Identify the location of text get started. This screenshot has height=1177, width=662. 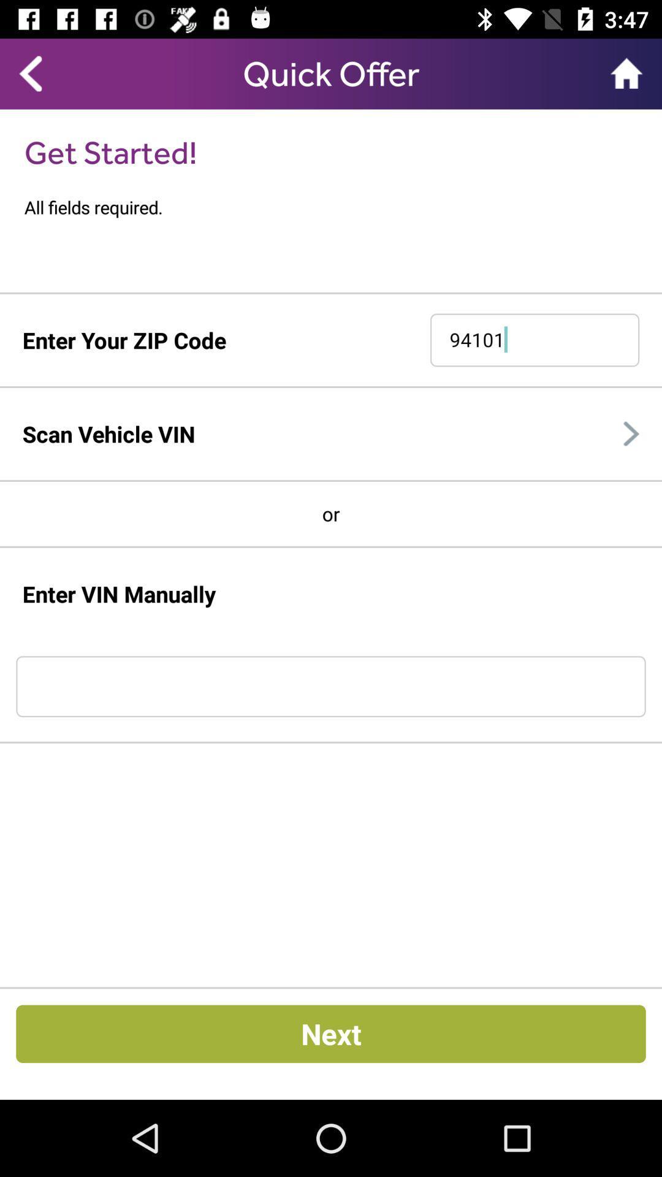
(111, 151).